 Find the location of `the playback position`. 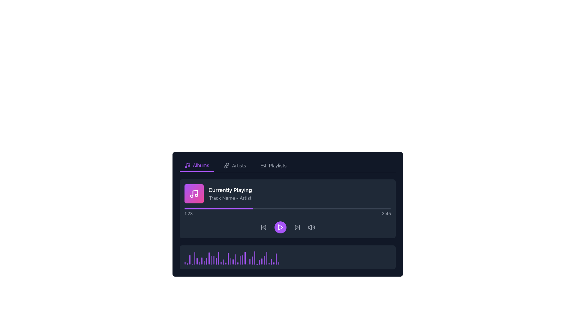

the playback position is located at coordinates (334, 208).